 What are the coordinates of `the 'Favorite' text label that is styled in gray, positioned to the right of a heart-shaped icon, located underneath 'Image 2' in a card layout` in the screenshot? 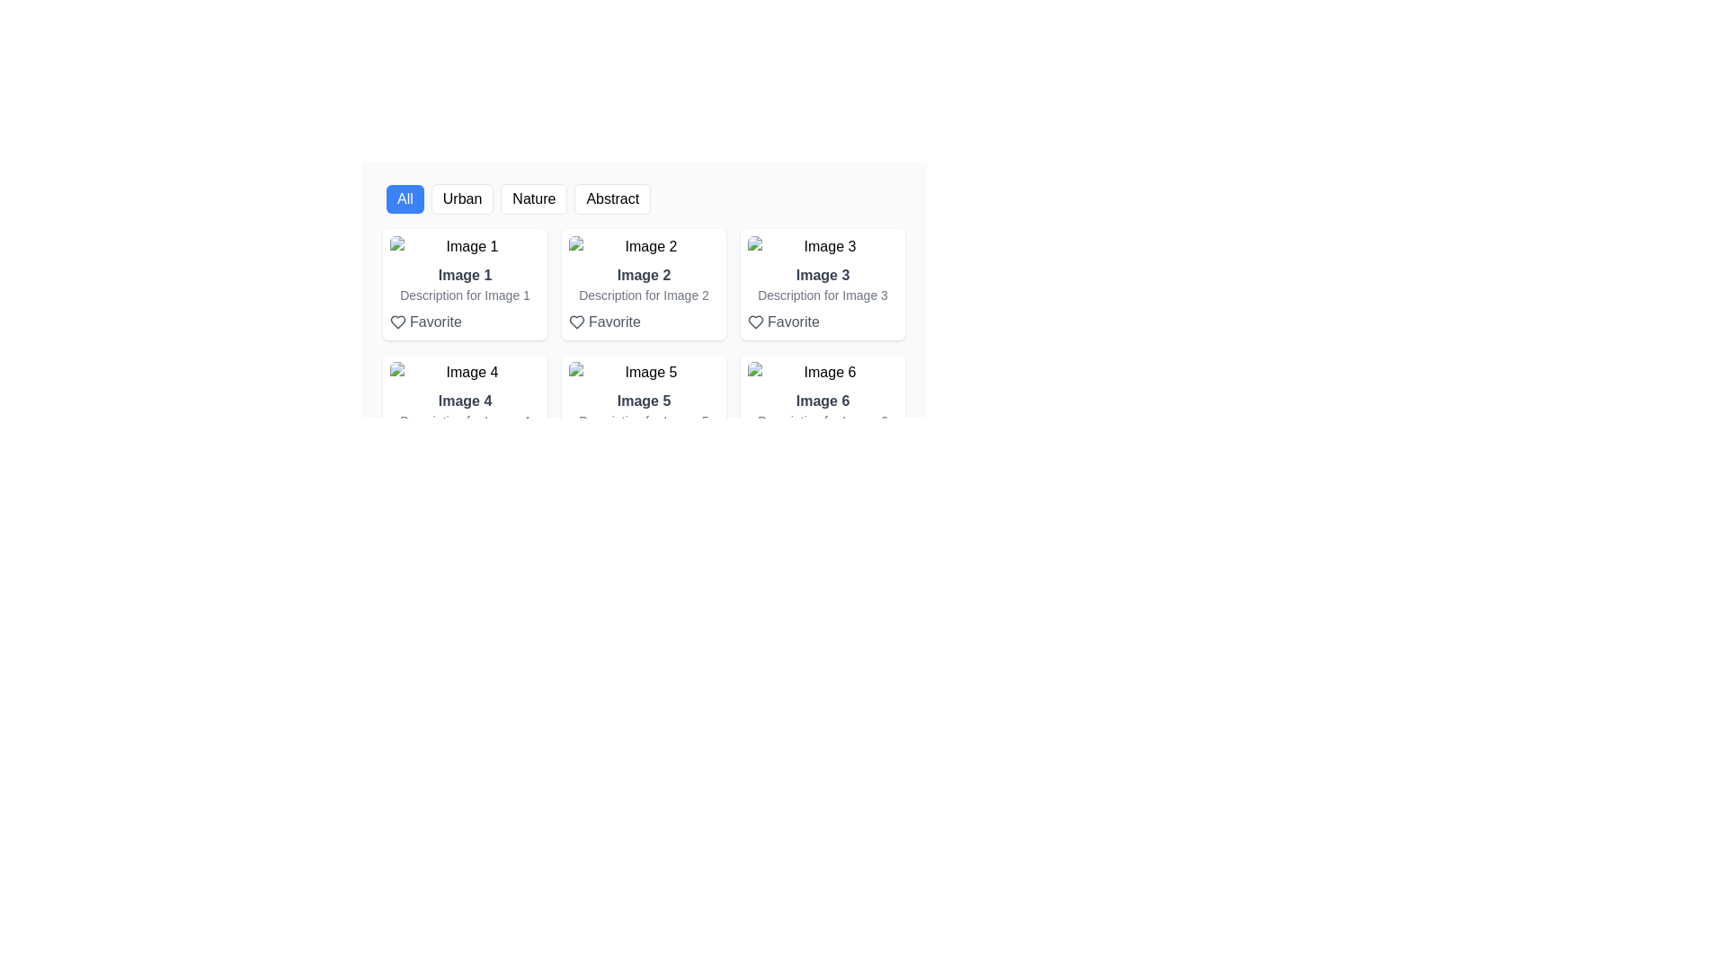 It's located at (614, 321).